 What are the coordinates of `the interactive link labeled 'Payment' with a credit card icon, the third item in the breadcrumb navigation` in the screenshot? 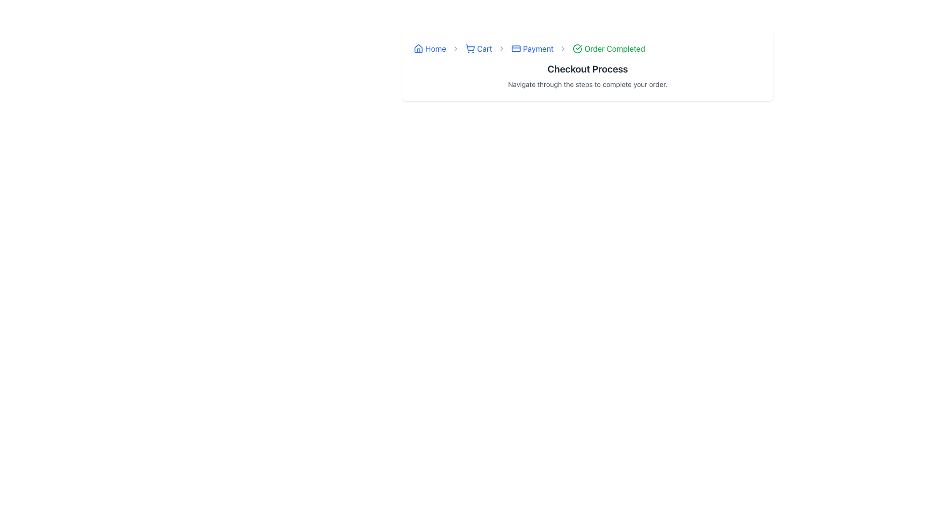 It's located at (532, 48).